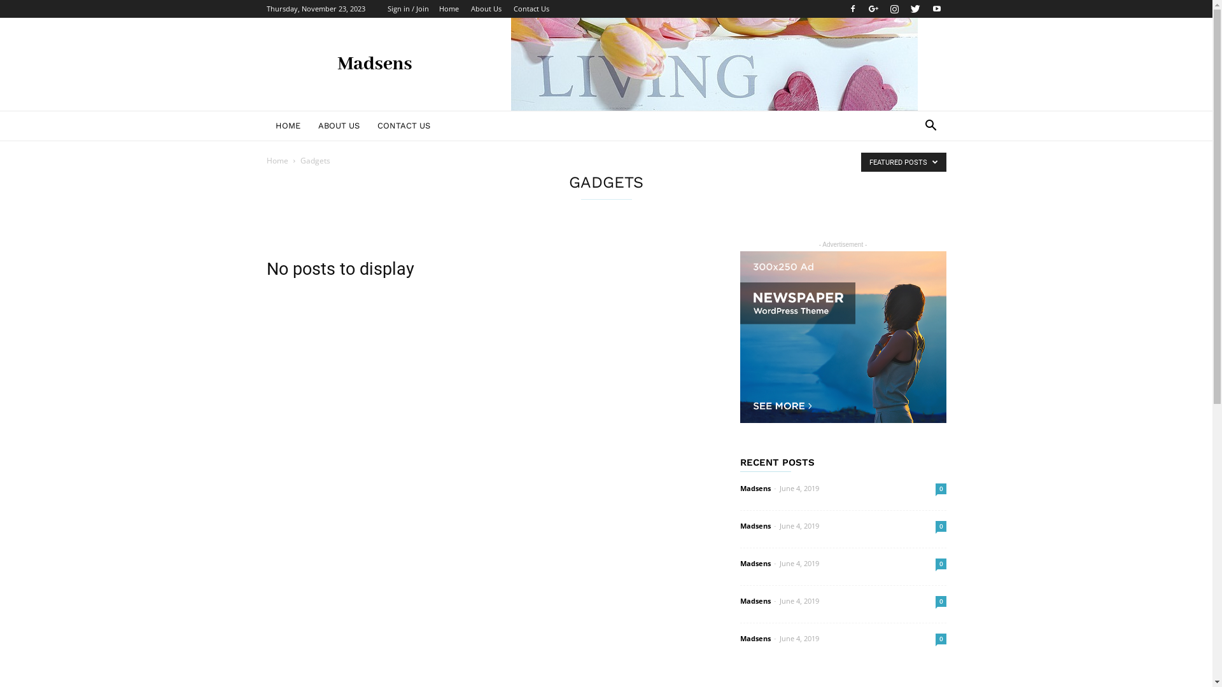  What do you see at coordinates (754, 638) in the screenshot?
I see `'Madsens'` at bounding box center [754, 638].